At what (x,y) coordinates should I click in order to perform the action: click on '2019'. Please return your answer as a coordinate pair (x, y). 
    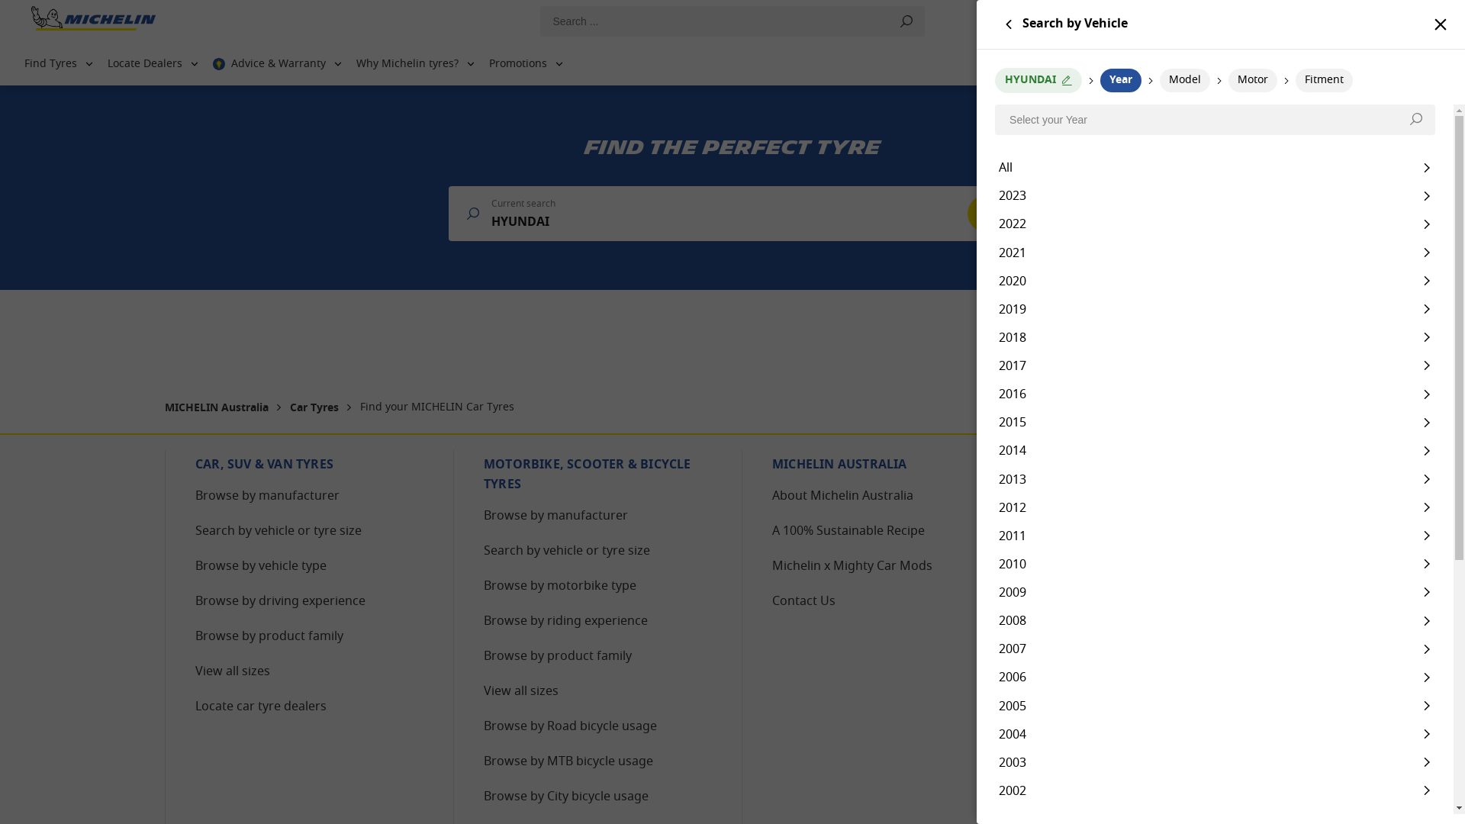
    Looking at the image, I should click on (1214, 309).